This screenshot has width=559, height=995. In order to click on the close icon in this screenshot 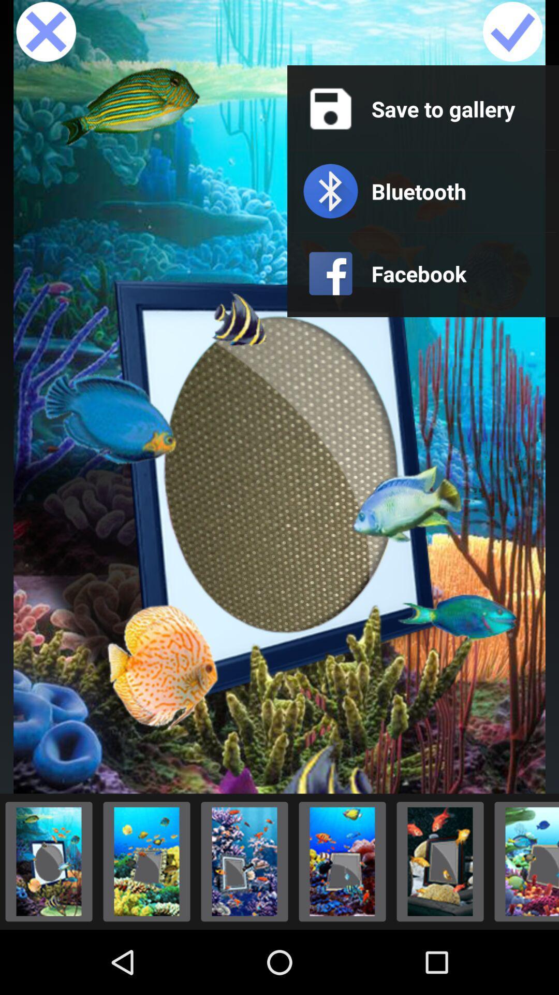, I will do `click(46, 35)`.